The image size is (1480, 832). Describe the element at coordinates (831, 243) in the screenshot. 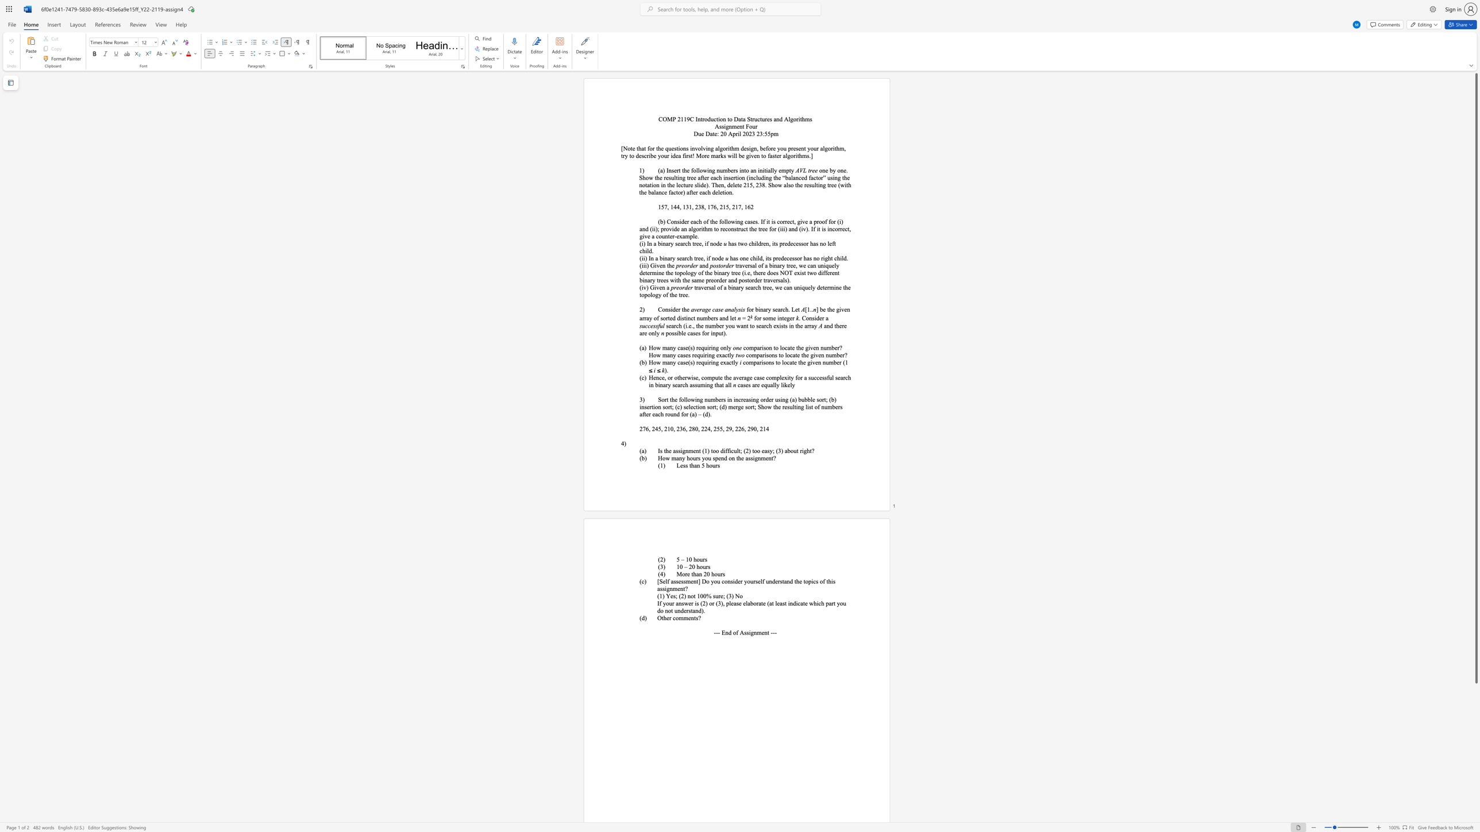

I see `the 5th character "e" in the text` at that location.